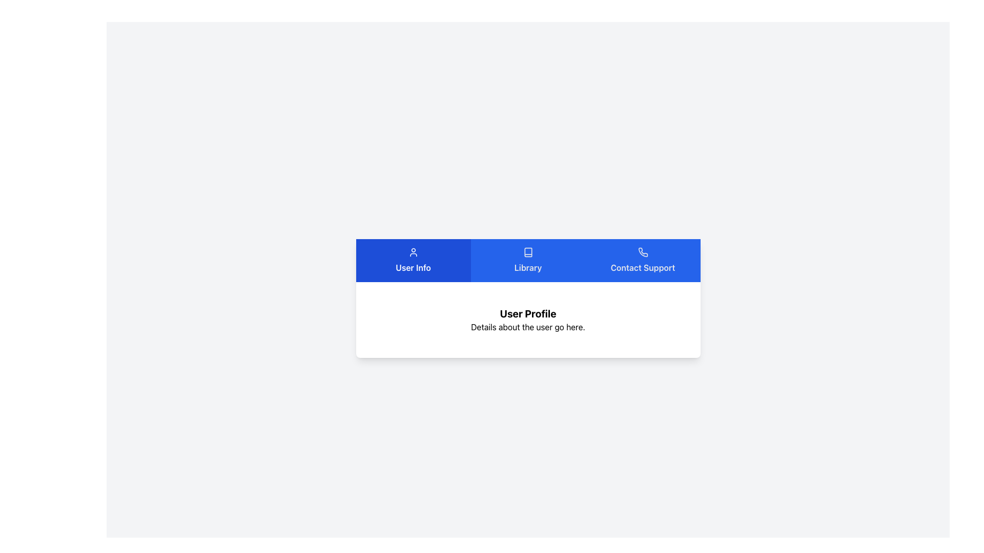  I want to click on the Text Label that serves as a header for the user profile section, located above the user details text within the card, so click(528, 313).